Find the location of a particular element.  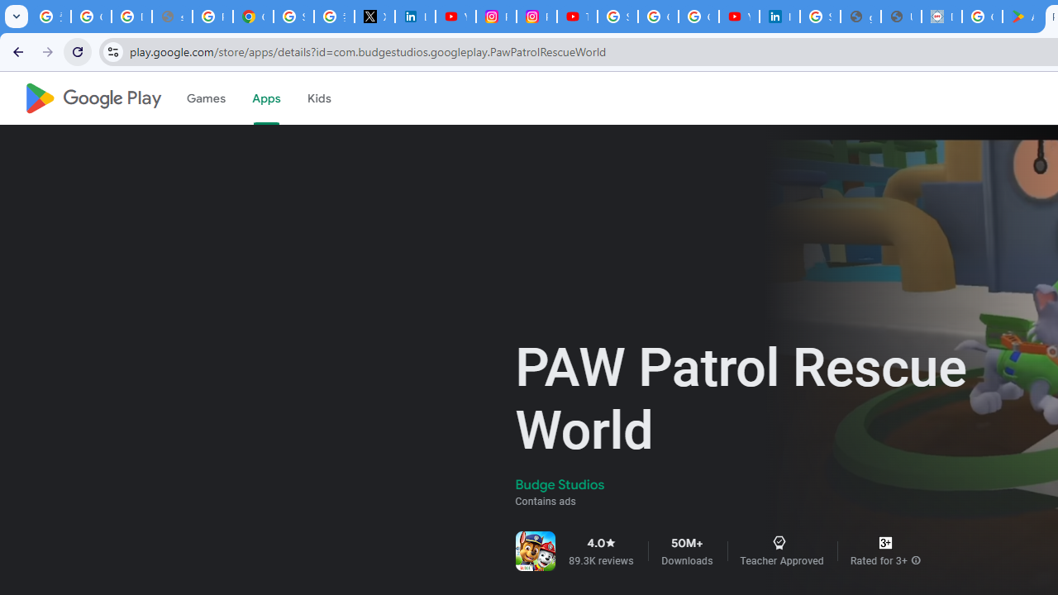

'LinkedIn Privacy Policy' is located at coordinates (415, 17).